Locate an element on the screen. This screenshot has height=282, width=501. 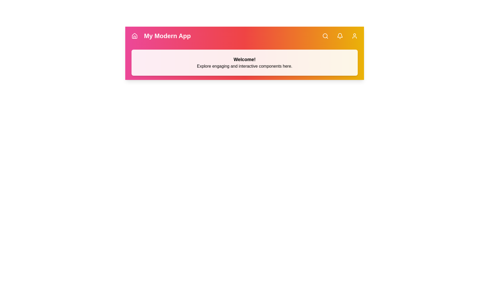
the button labeled Bell to observe visual feedback is located at coordinates (340, 36).